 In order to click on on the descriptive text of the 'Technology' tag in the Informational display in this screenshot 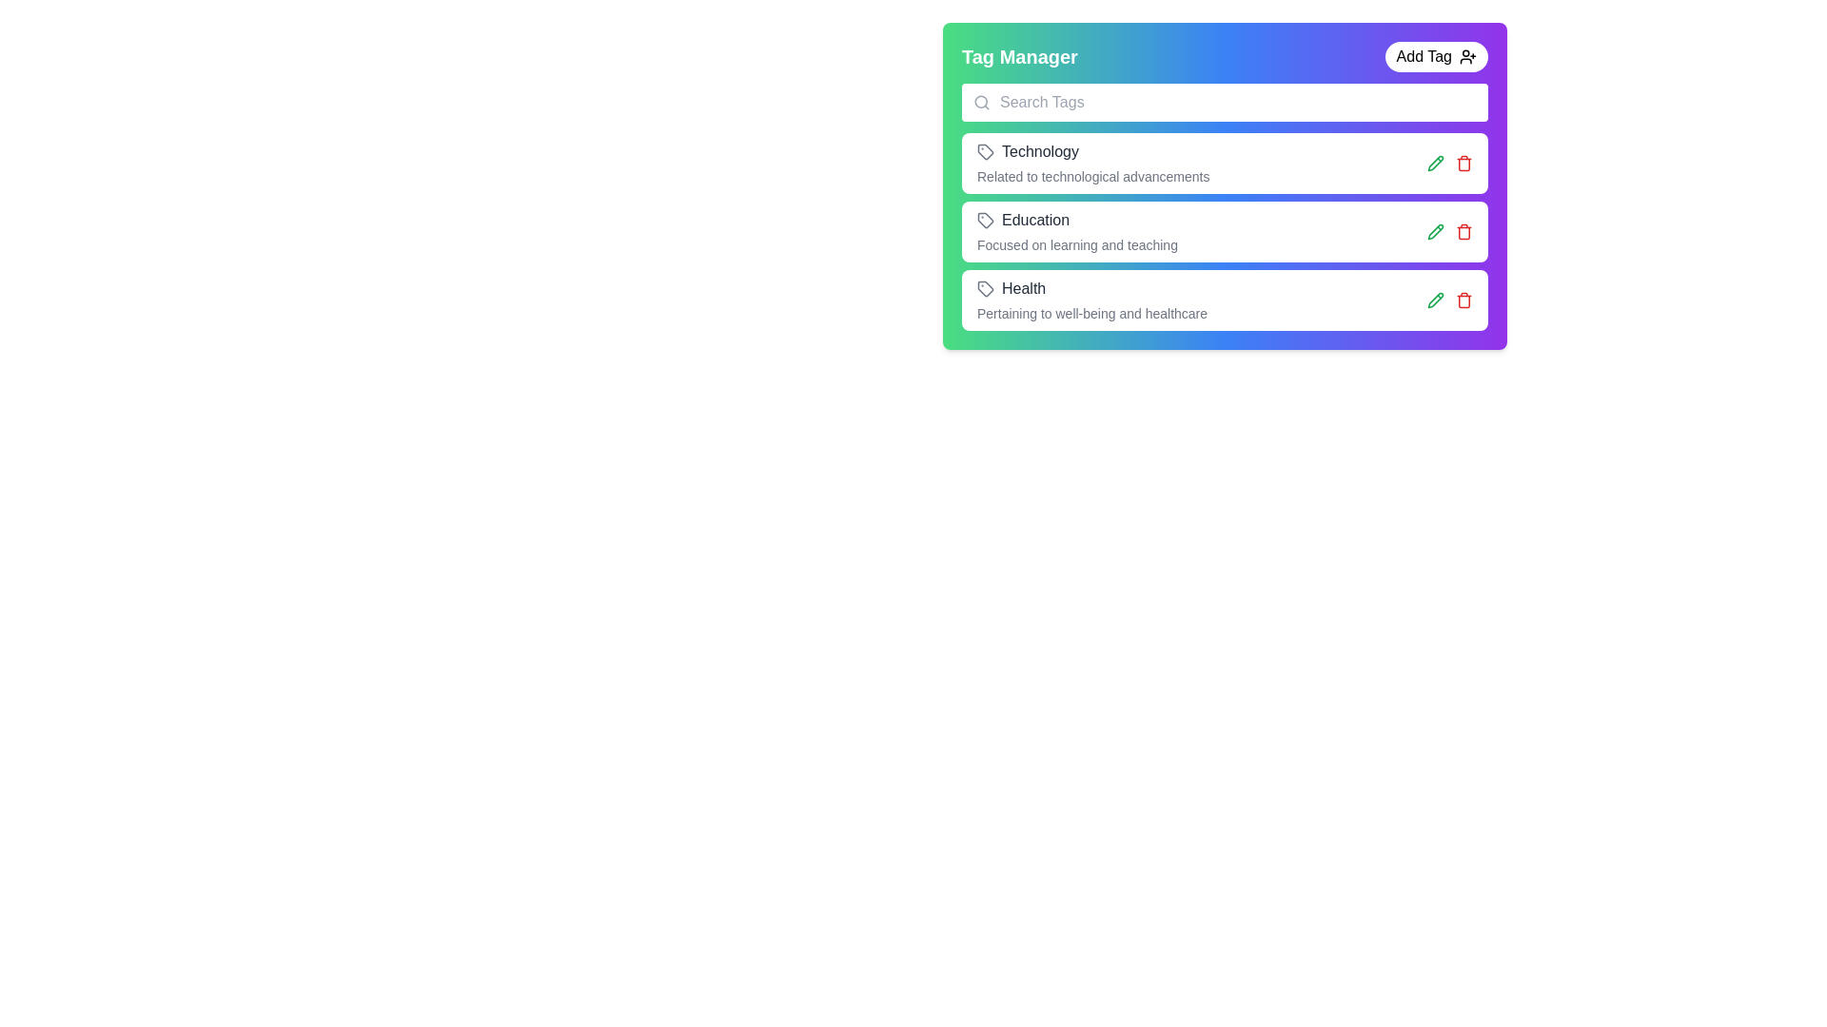, I will do `click(1093, 163)`.